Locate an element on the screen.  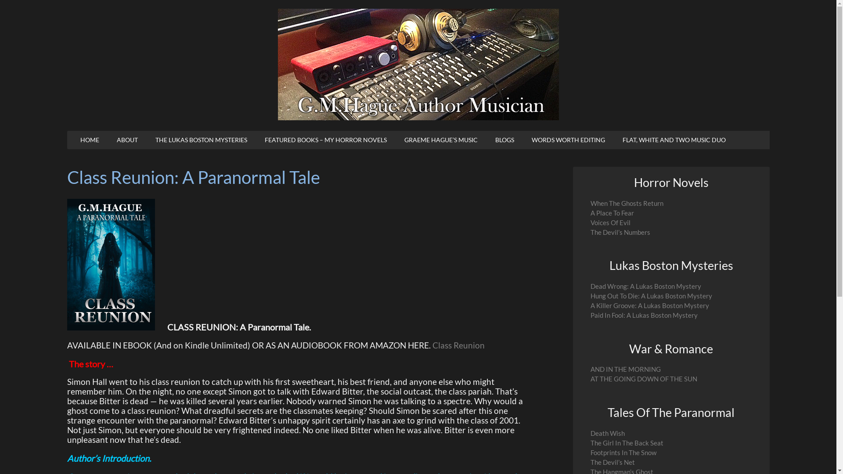
'AND IN THE MORNING' is located at coordinates (625, 369).